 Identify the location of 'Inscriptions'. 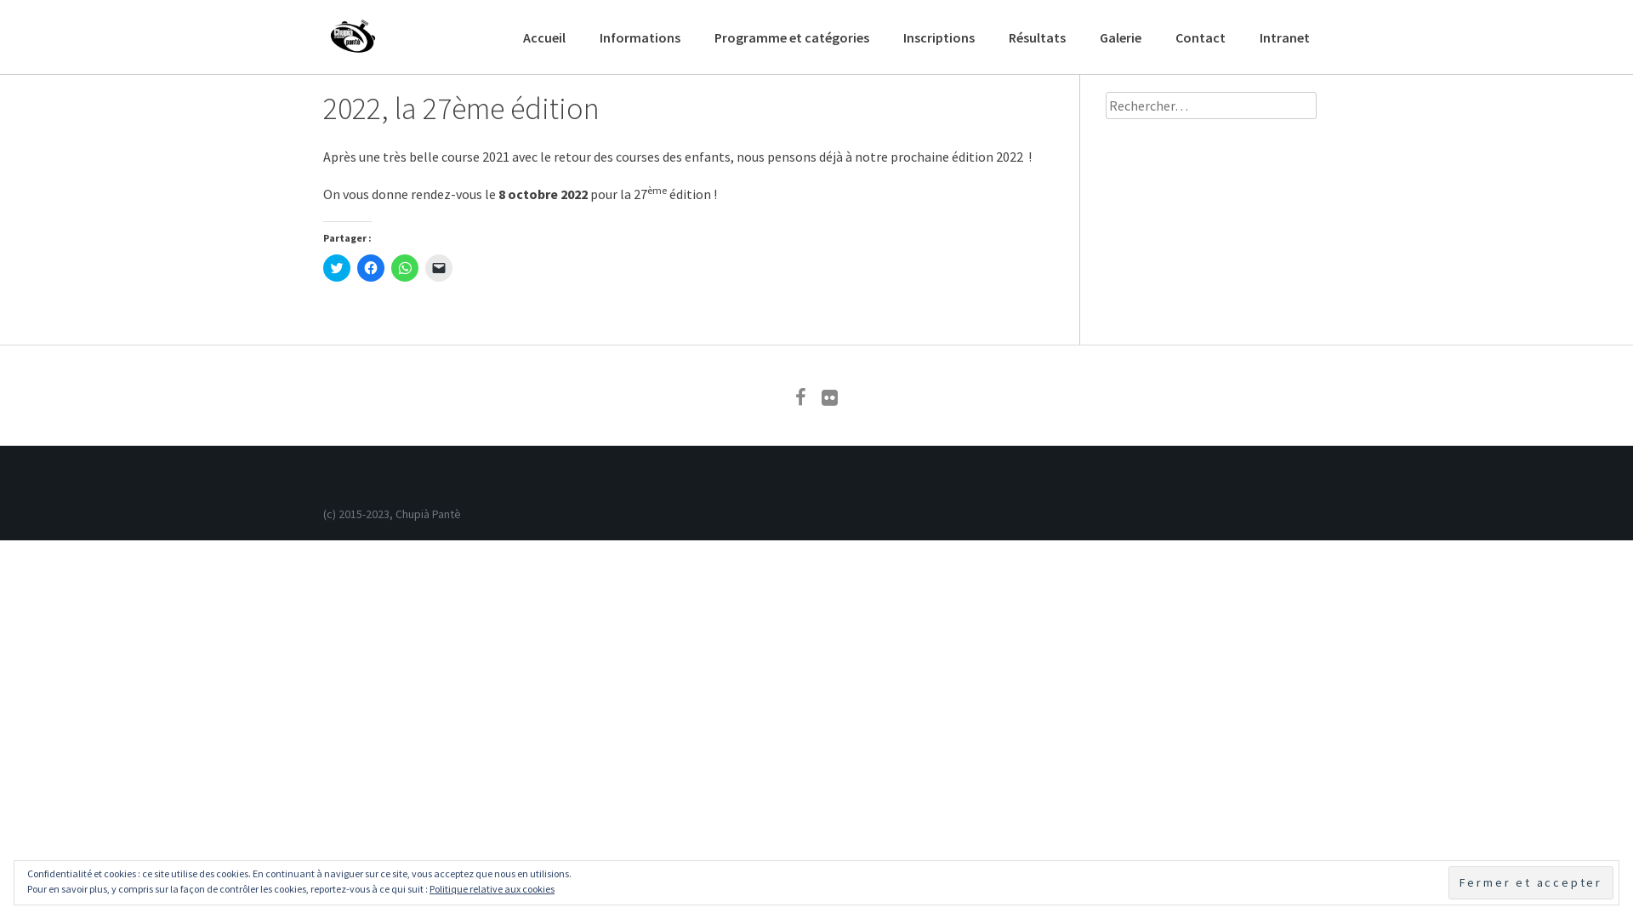
(938, 37).